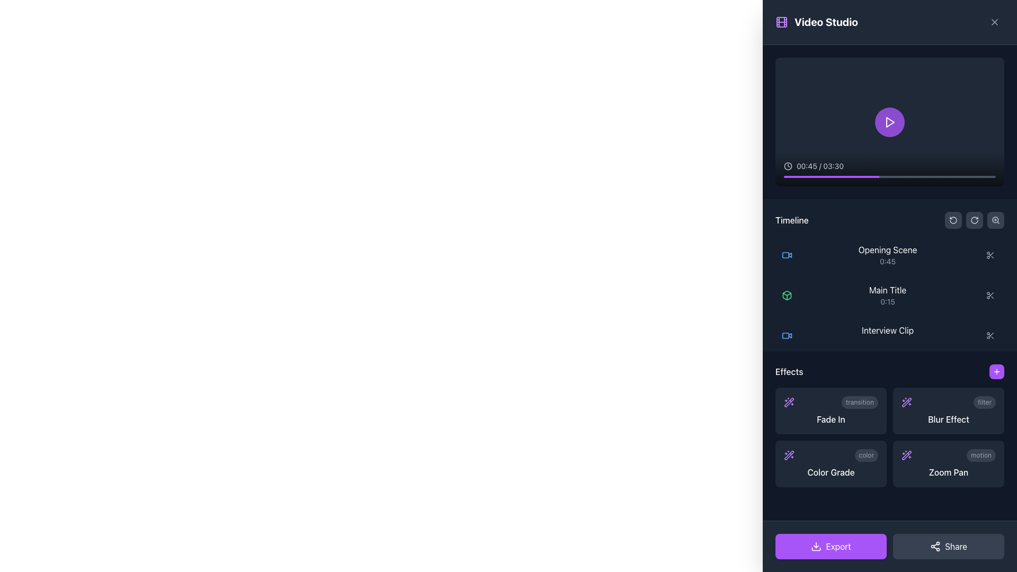 This screenshot has height=572, width=1017. Describe the element at coordinates (995, 220) in the screenshot. I see `the magnifying glass icon button with a plus symbol inside it, located in the top-right corner of the interface, to magnify the content view` at that location.